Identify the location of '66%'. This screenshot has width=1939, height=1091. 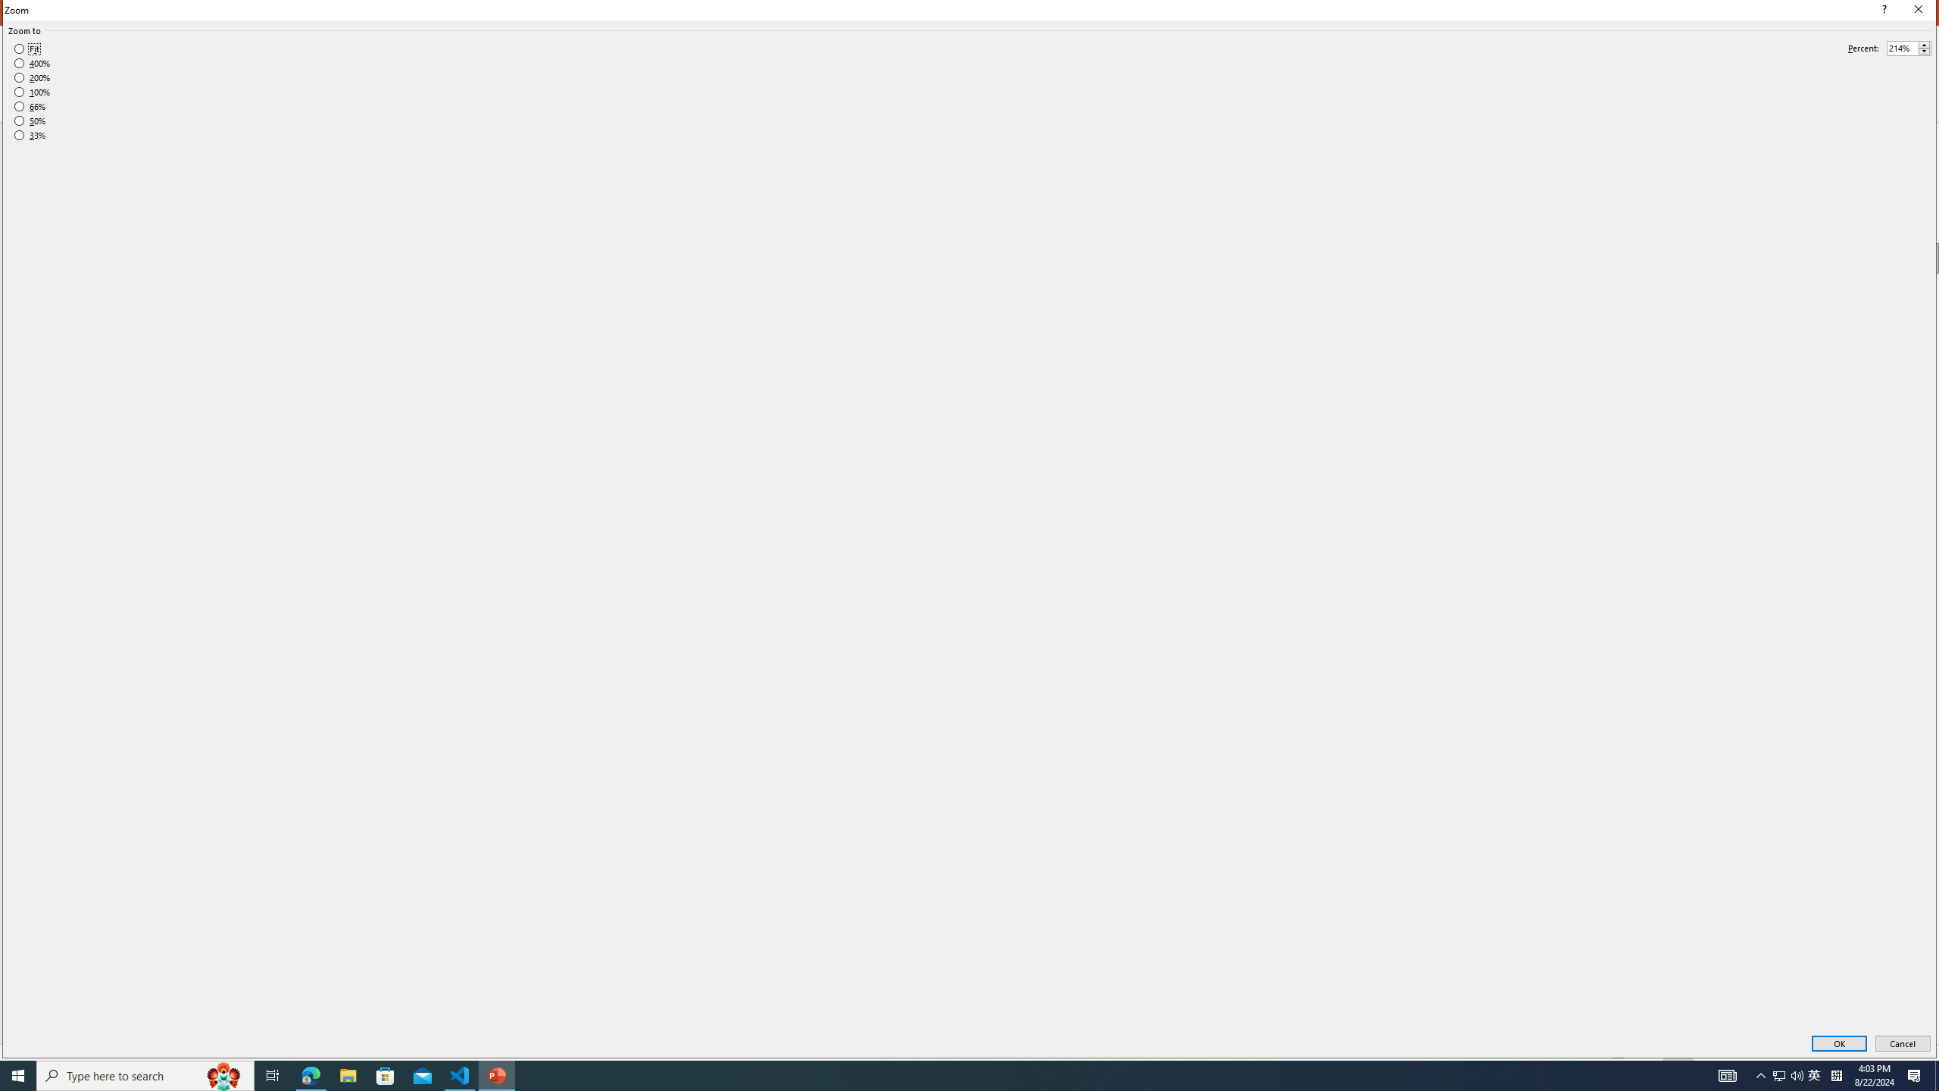
(29, 105).